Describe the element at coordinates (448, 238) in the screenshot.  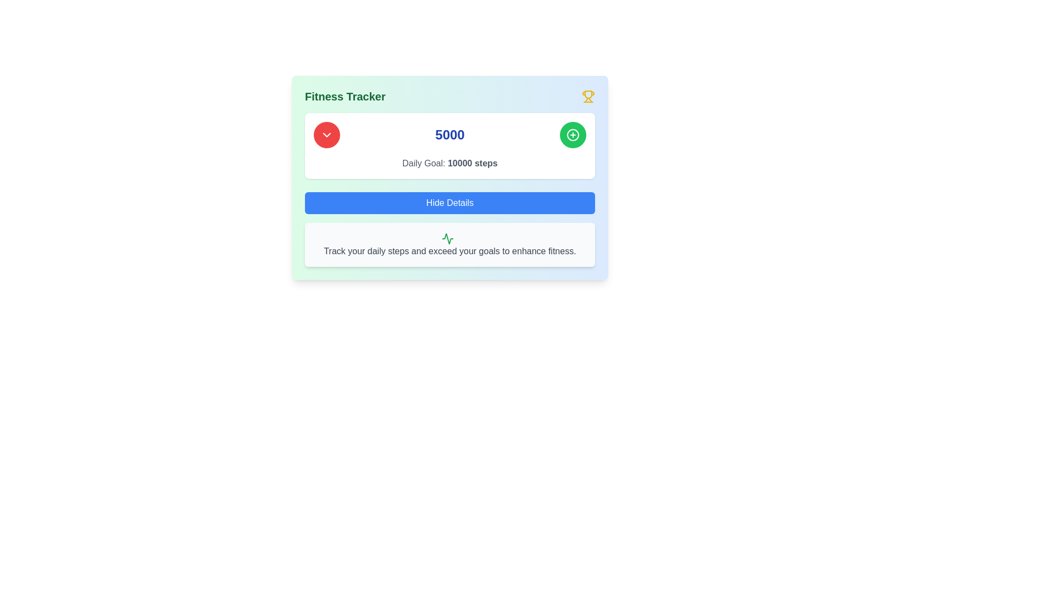
I see `the activity indicator icon located below the 'Hide Details' button and to the left of the descriptive text` at that location.